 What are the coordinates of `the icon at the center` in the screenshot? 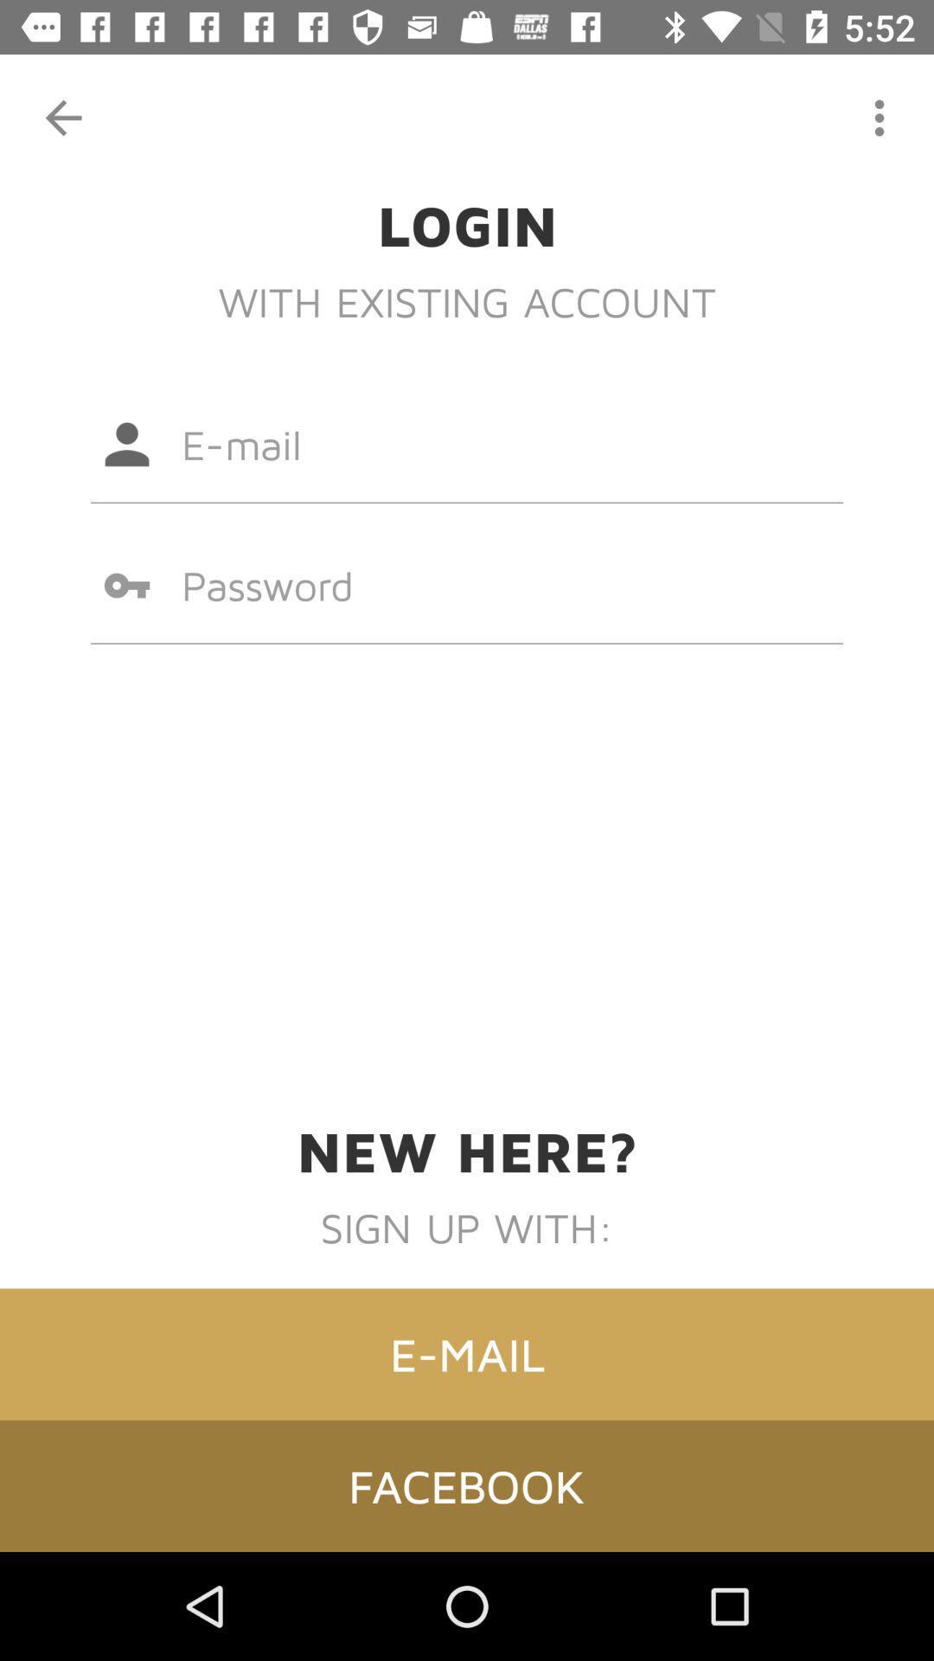 It's located at (467, 585).